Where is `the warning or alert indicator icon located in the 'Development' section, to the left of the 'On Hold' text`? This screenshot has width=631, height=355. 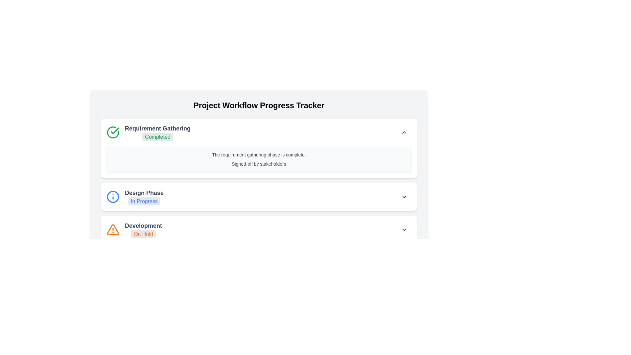
the warning or alert indicator icon located in the 'Development' section, to the left of the 'On Hold' text is located at coordinates (113, 229).